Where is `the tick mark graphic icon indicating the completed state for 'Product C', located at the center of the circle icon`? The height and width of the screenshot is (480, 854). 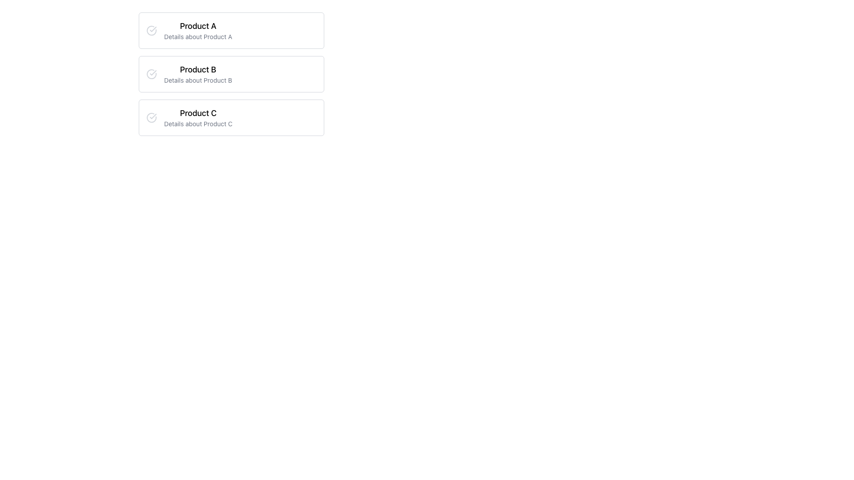 the tick mark graphic icon indicating the completed state for 'Product C', located at the center of the circle icon is located at coordinates (153, 116).